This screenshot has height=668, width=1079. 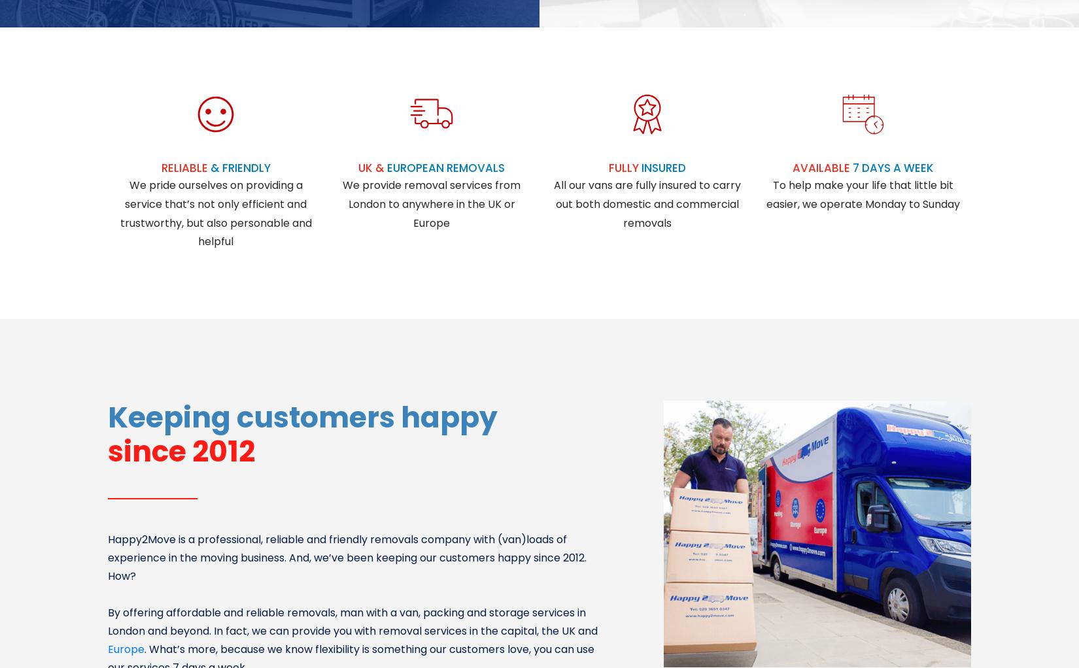 What do you see at coordinates (346, 558) in the screenshot?
I see `'Happy2Move is a professional, reliable and friendly removals company with (van)loads of experience in the moving business. And, we’ve been keeping our customers happy since 2012. How?'` at bounding box center [346, 558].